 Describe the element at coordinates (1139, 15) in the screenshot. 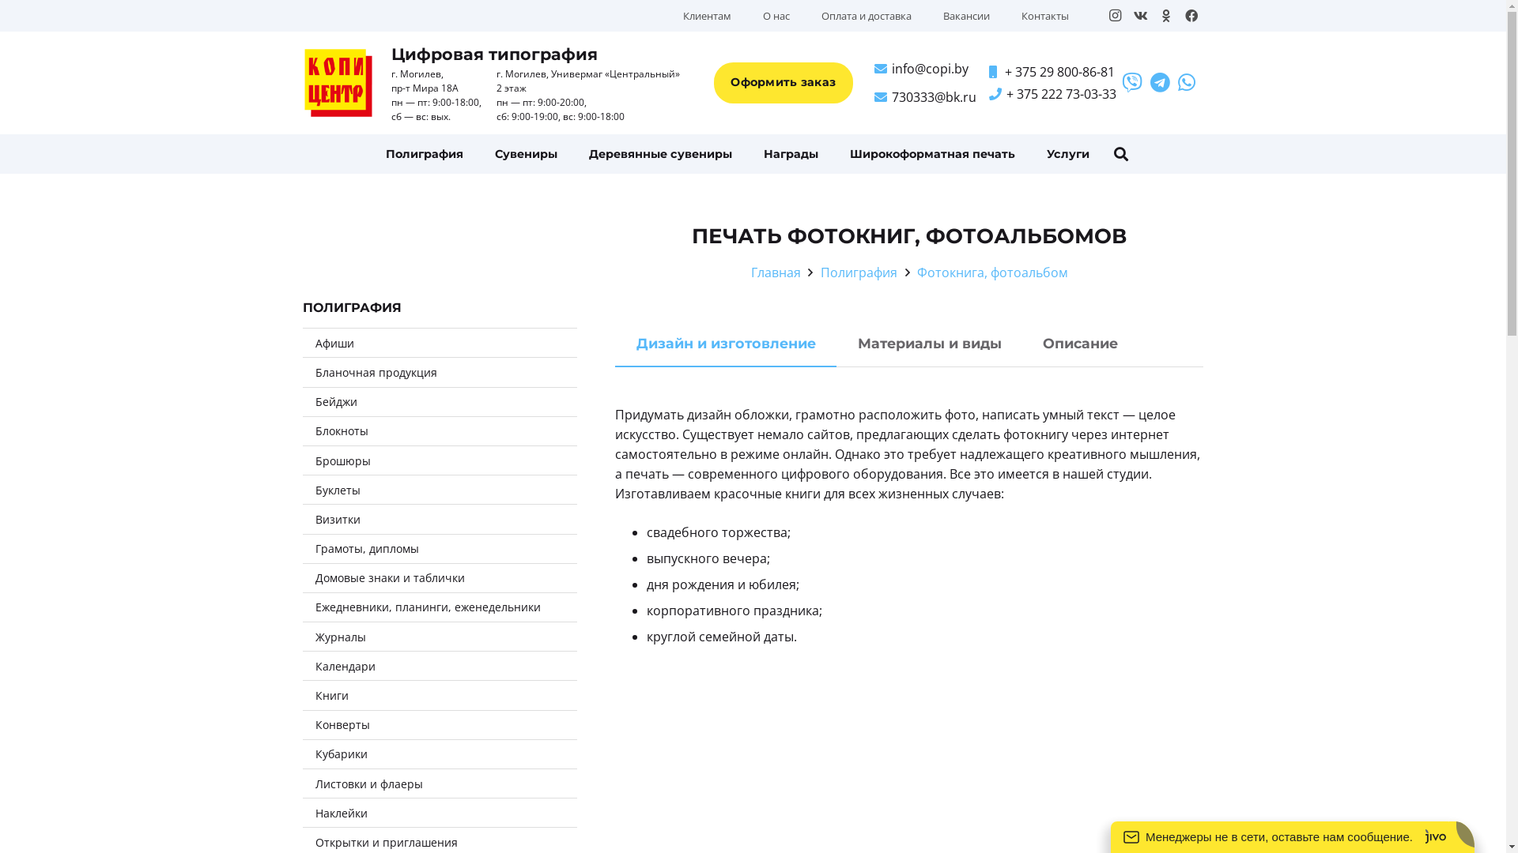

I see `'Vkontakte'` at that location.